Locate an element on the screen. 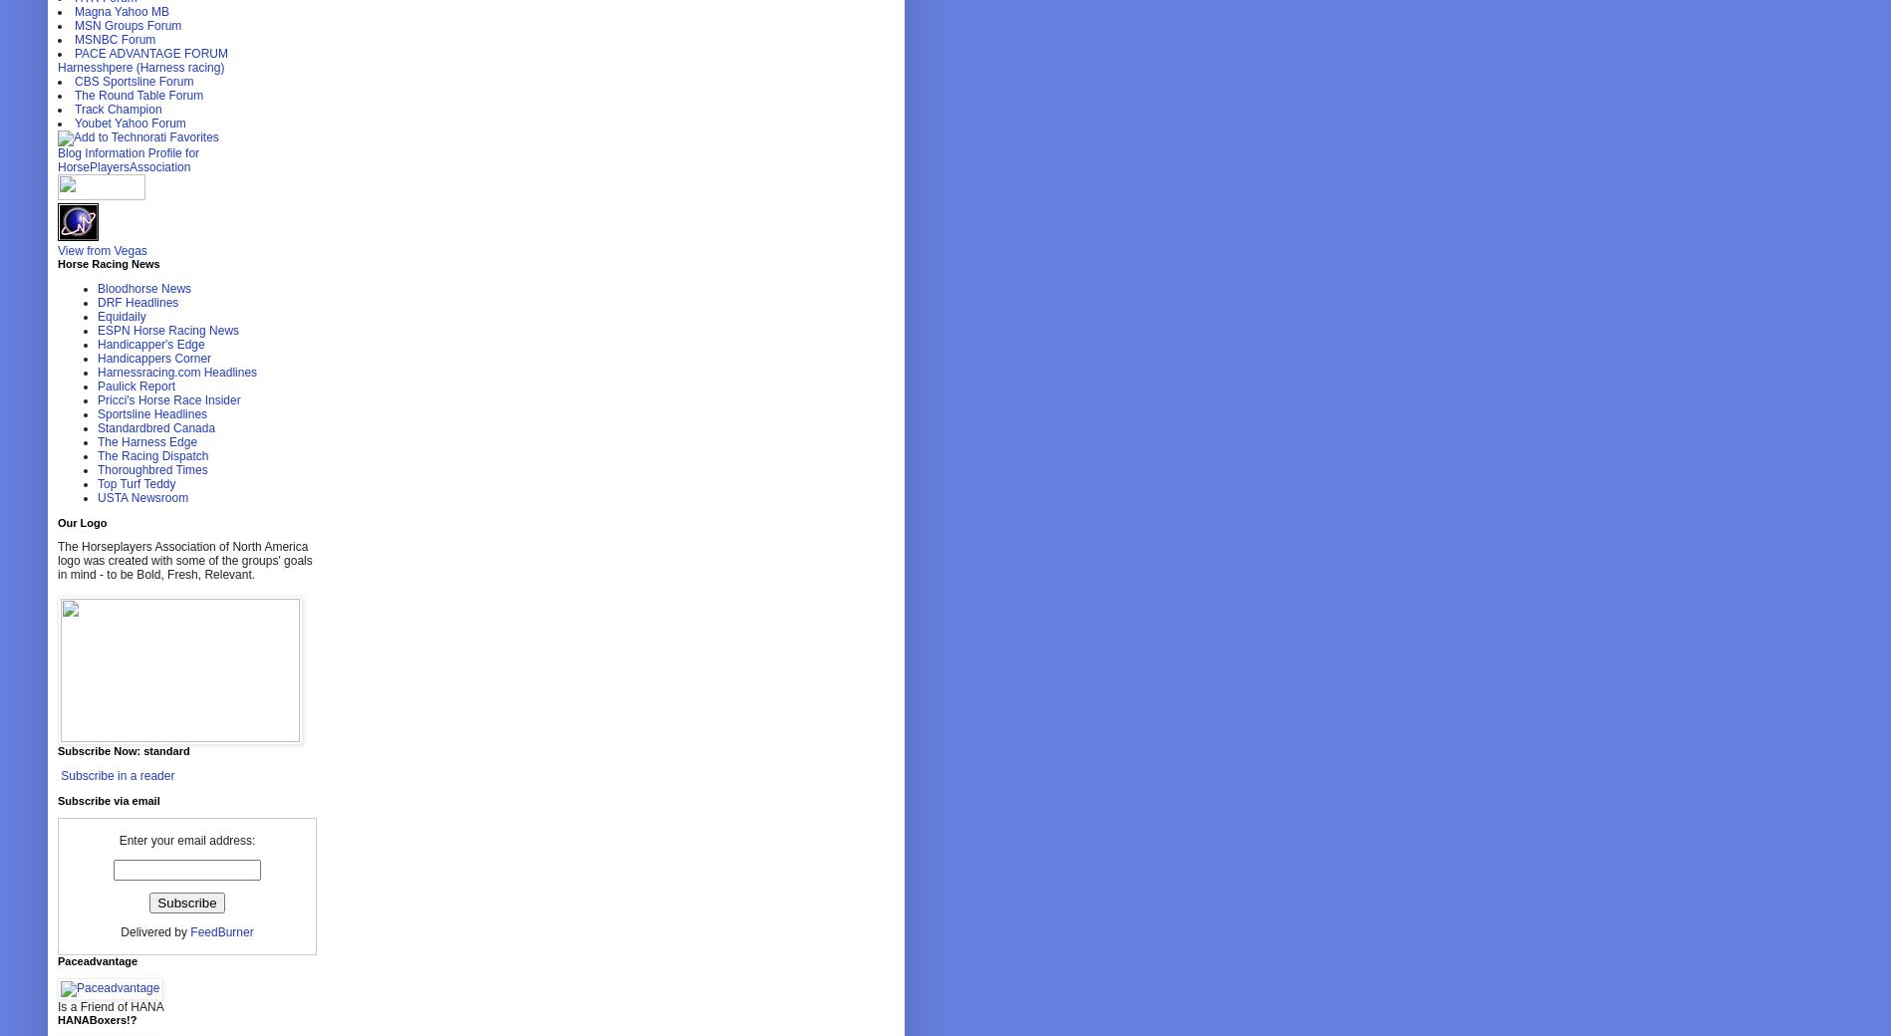  'Paceadvantage' is located at coordinates (58, 961).